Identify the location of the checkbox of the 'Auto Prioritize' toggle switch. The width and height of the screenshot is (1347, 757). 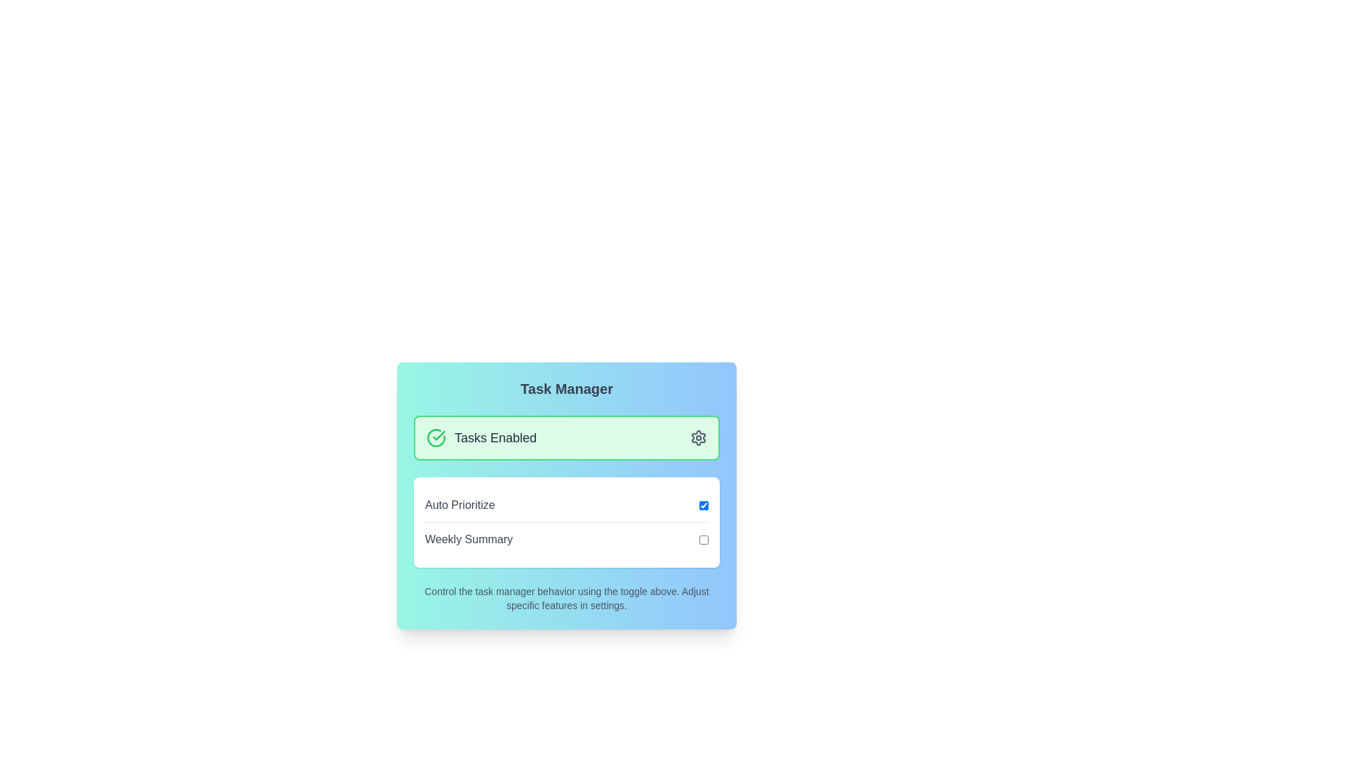
(566, 505).